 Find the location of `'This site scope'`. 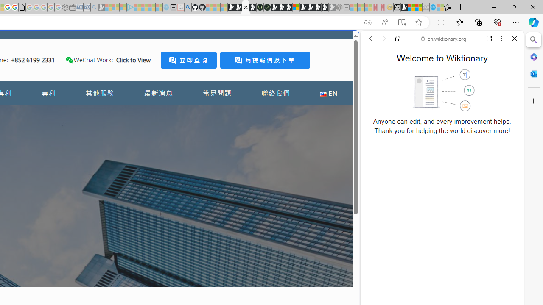

'This site scope' is located at coordinates (397, 76).